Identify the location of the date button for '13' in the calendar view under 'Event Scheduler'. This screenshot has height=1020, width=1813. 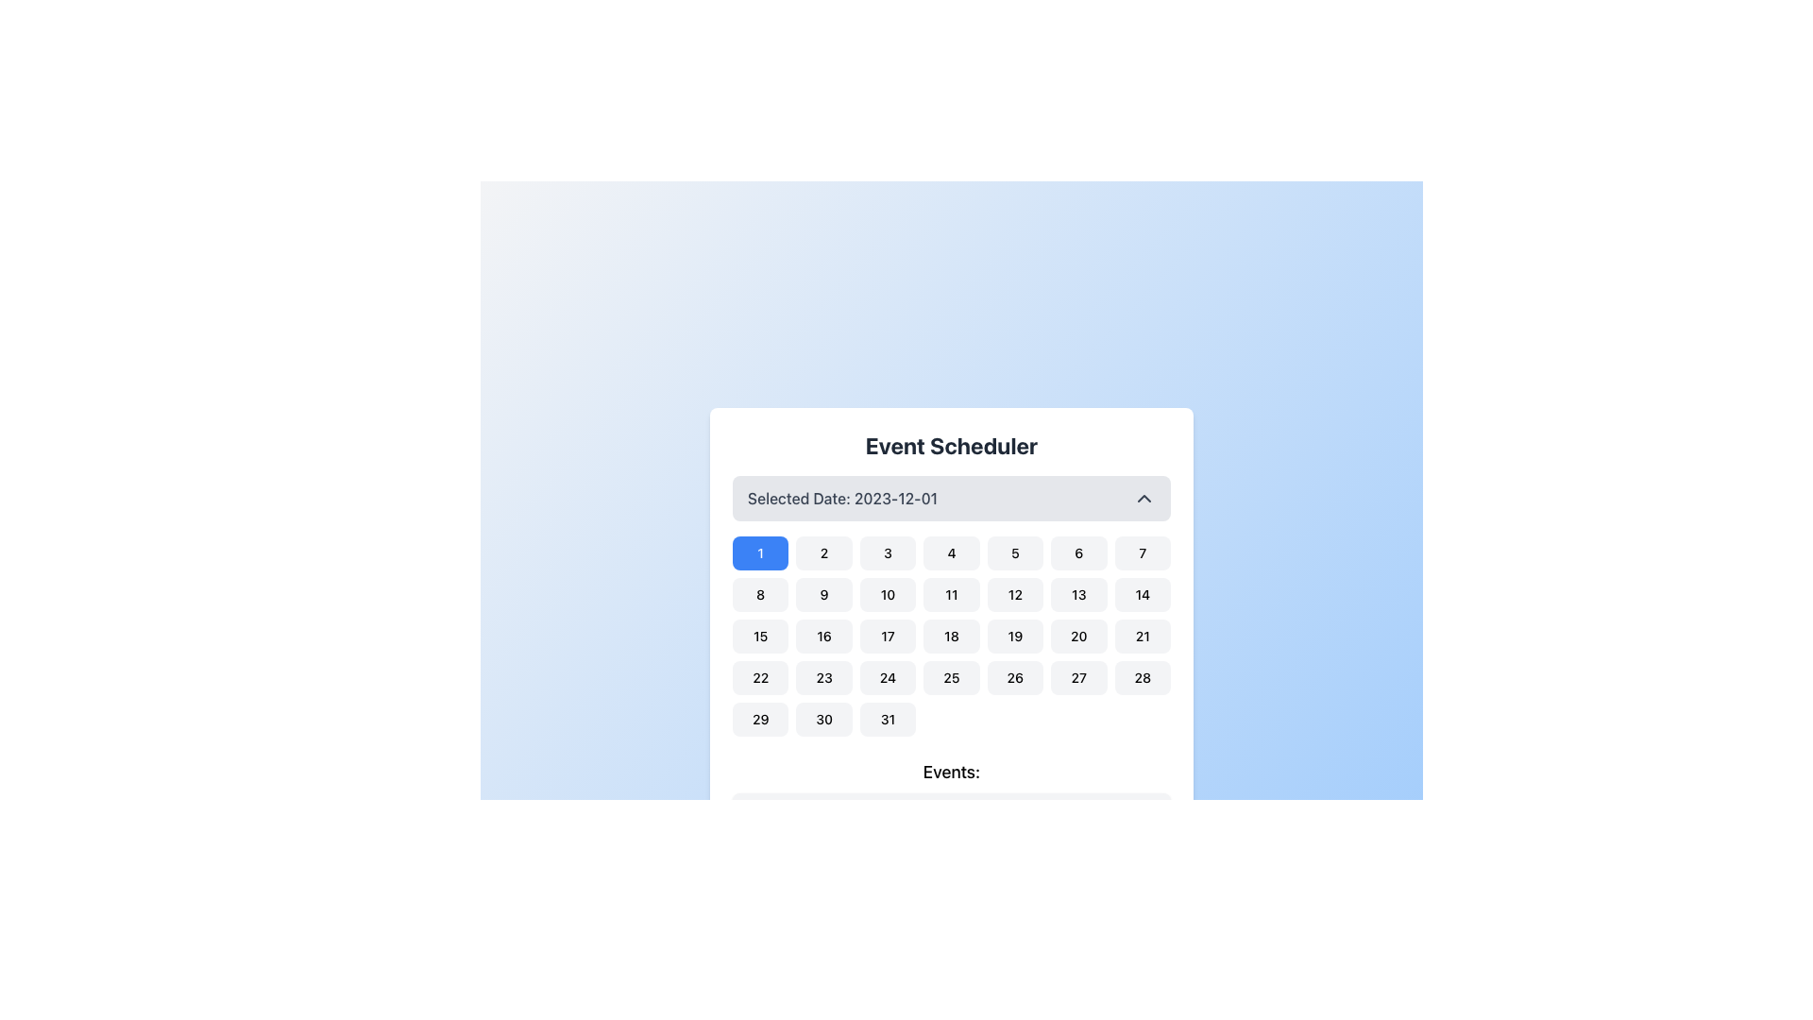
(1078, 593).